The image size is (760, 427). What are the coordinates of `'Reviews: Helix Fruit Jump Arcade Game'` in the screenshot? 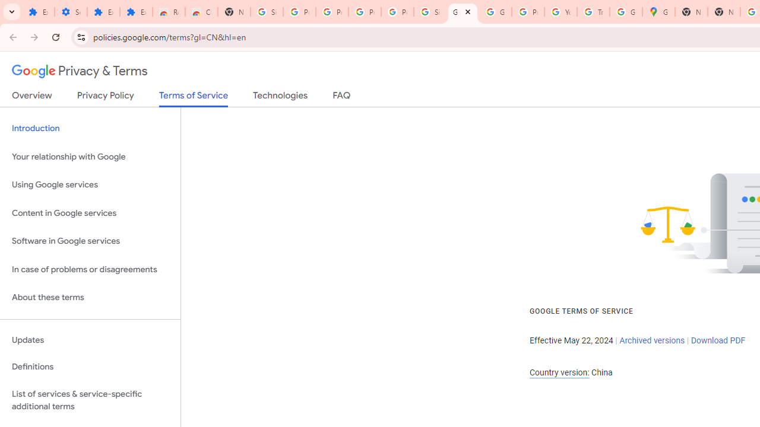 It's located at (168, 12).